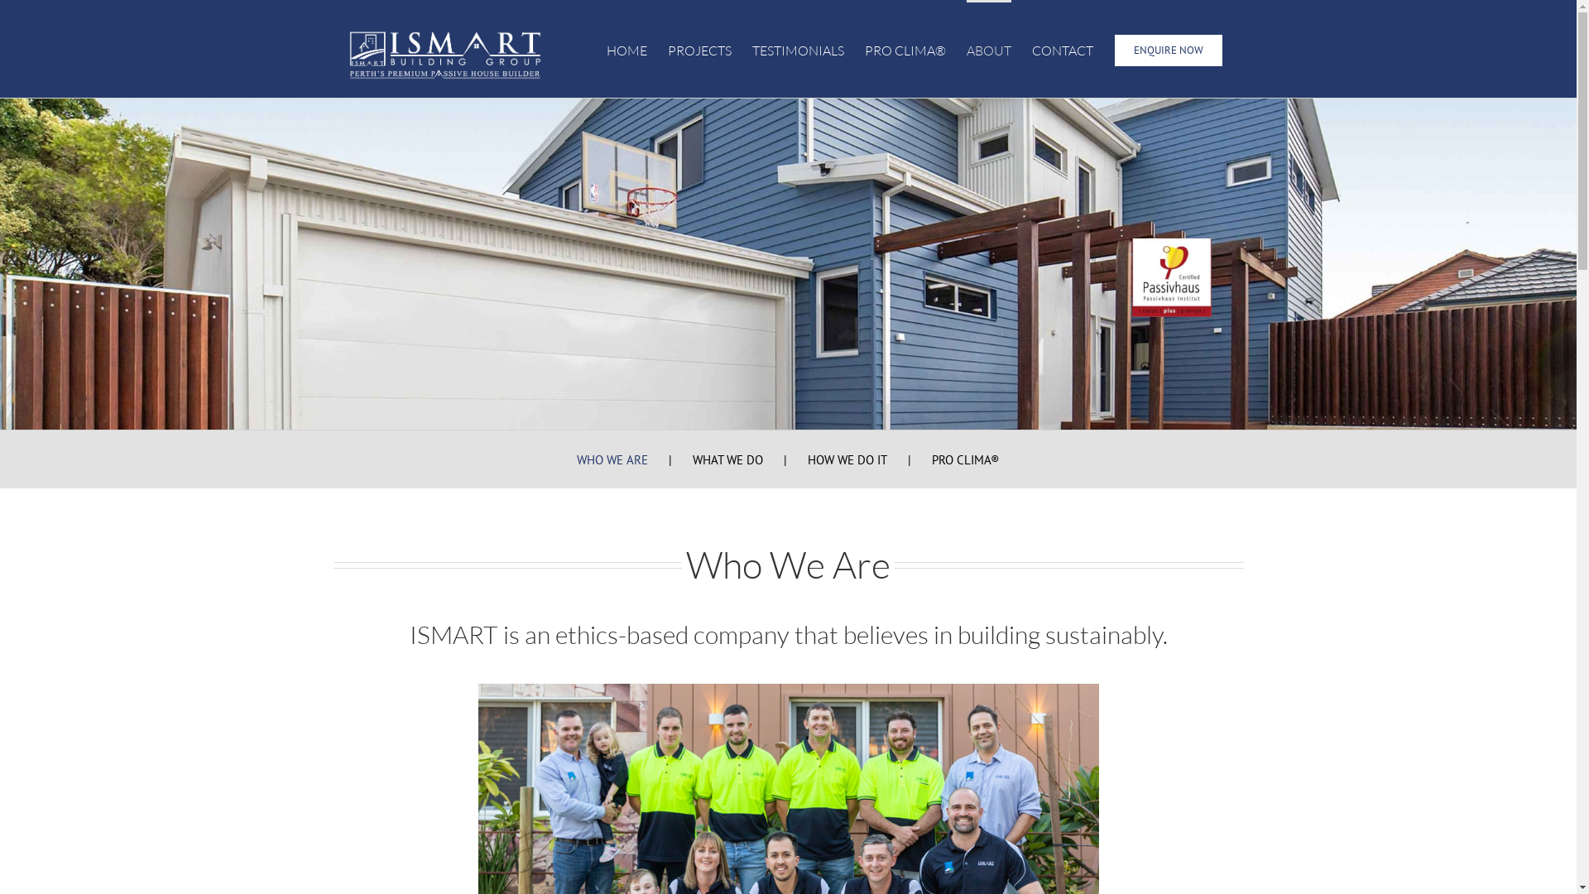  I want to click on 'HOME', so click(625, 47).